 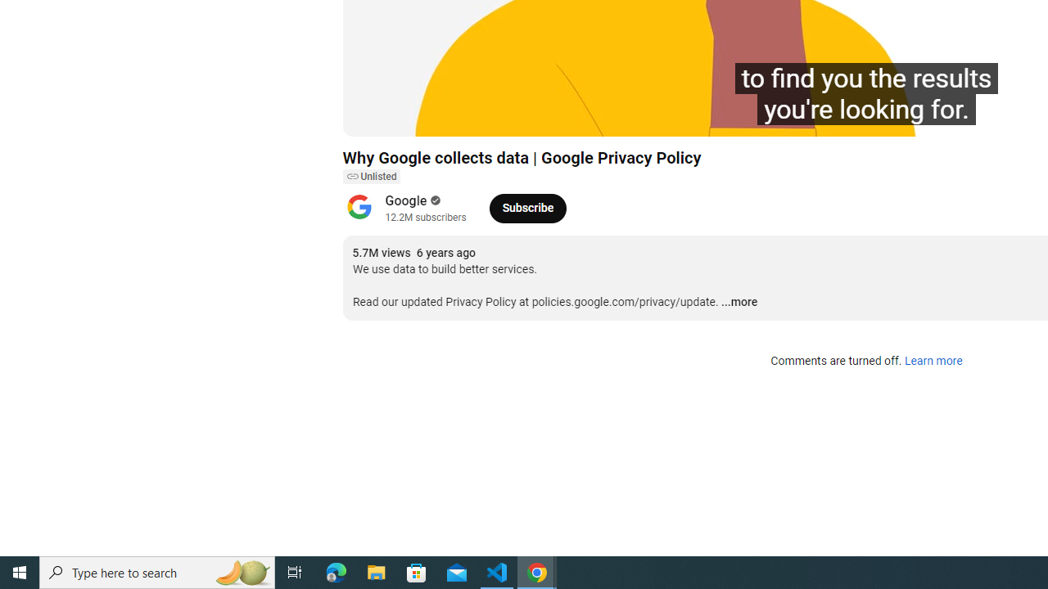 What do you see at coordinates (933, 361) in the screenshot?
I see `'Learn more'` at bounding box center [933, 361].